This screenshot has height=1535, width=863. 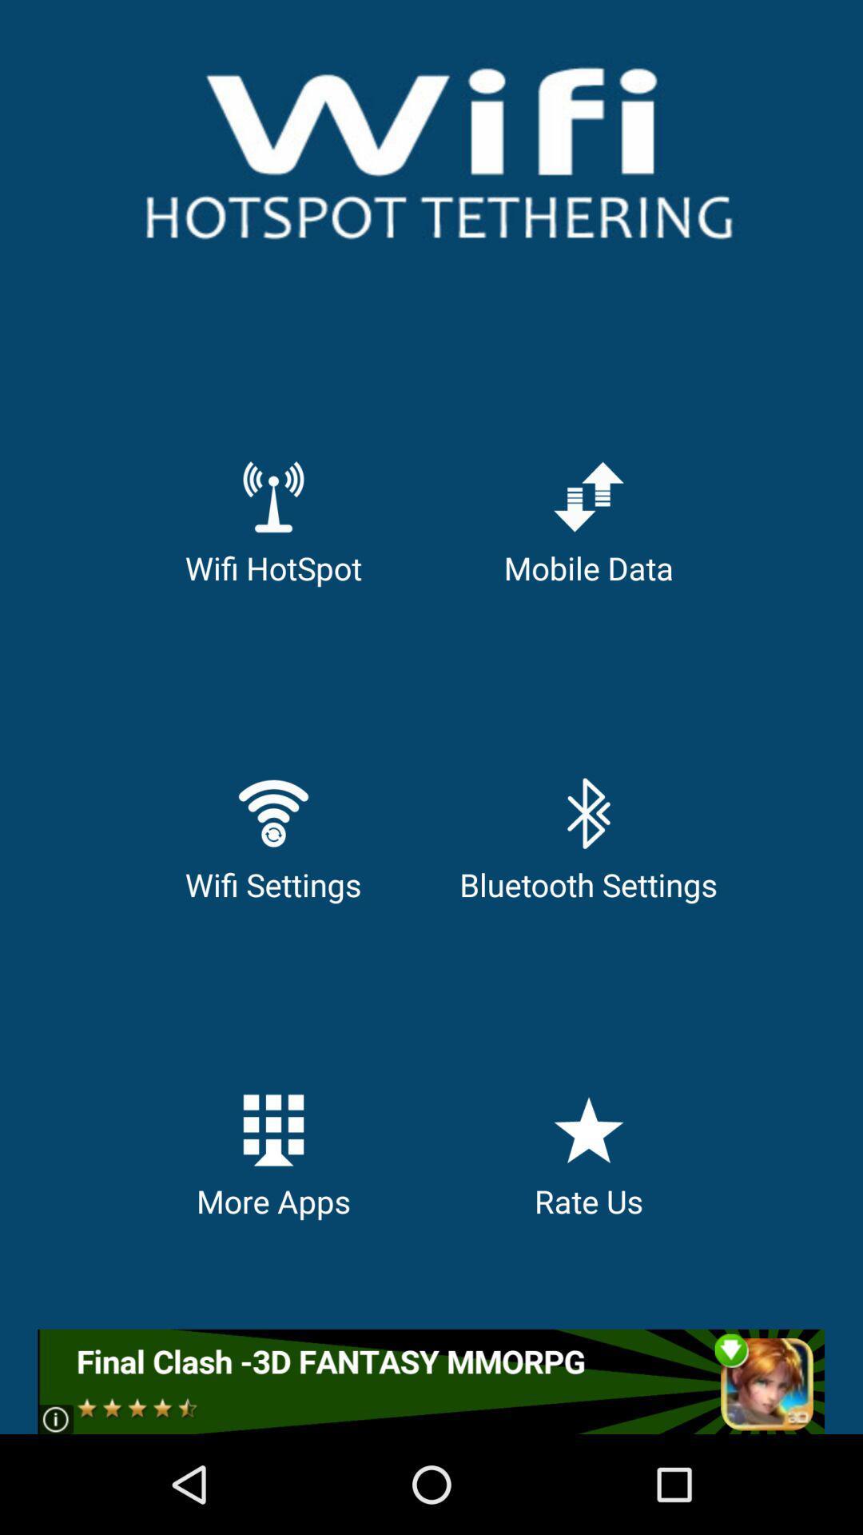 I want to click on the more apps icon, so click(x=272, y=1128).